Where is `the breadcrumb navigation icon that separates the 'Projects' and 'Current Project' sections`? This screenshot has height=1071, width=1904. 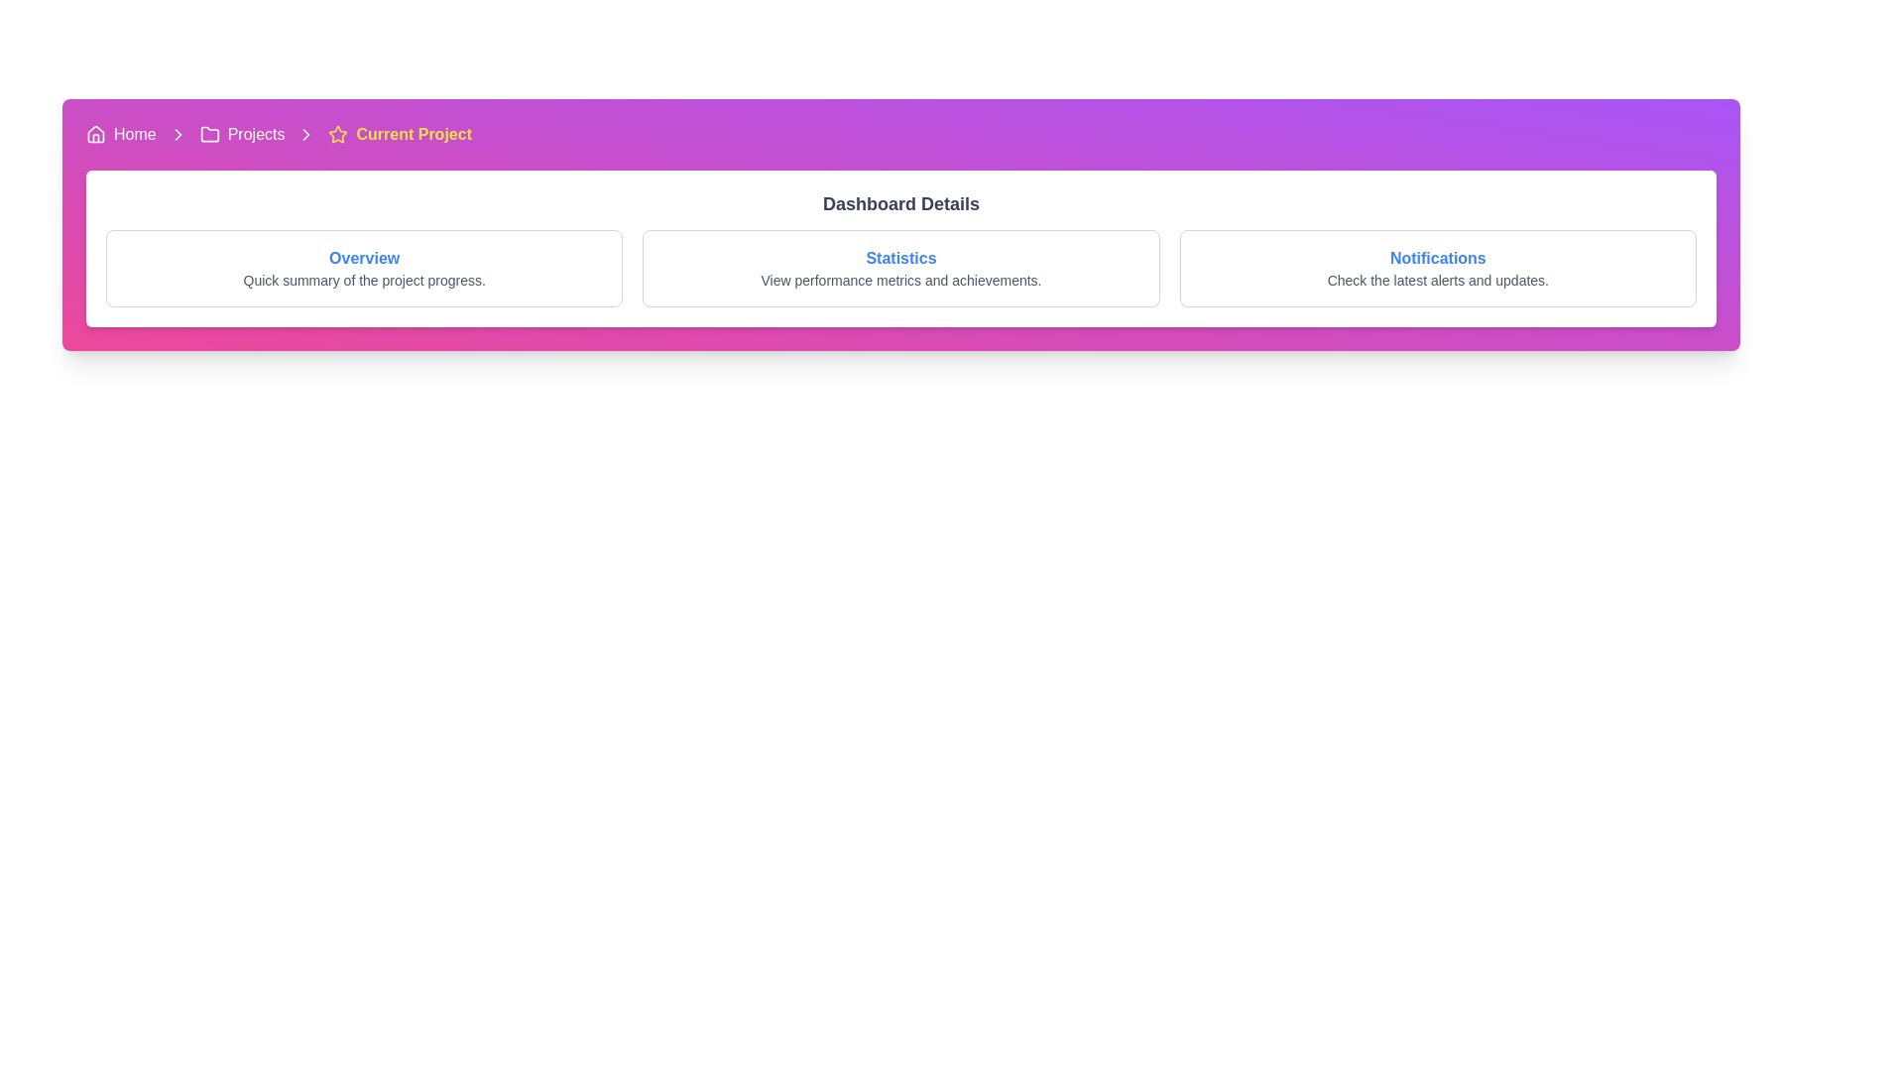 the breadcrumb navigation icon that separates the 'Projects' and 'Current Project' sections is located at coordinates (305, 134).